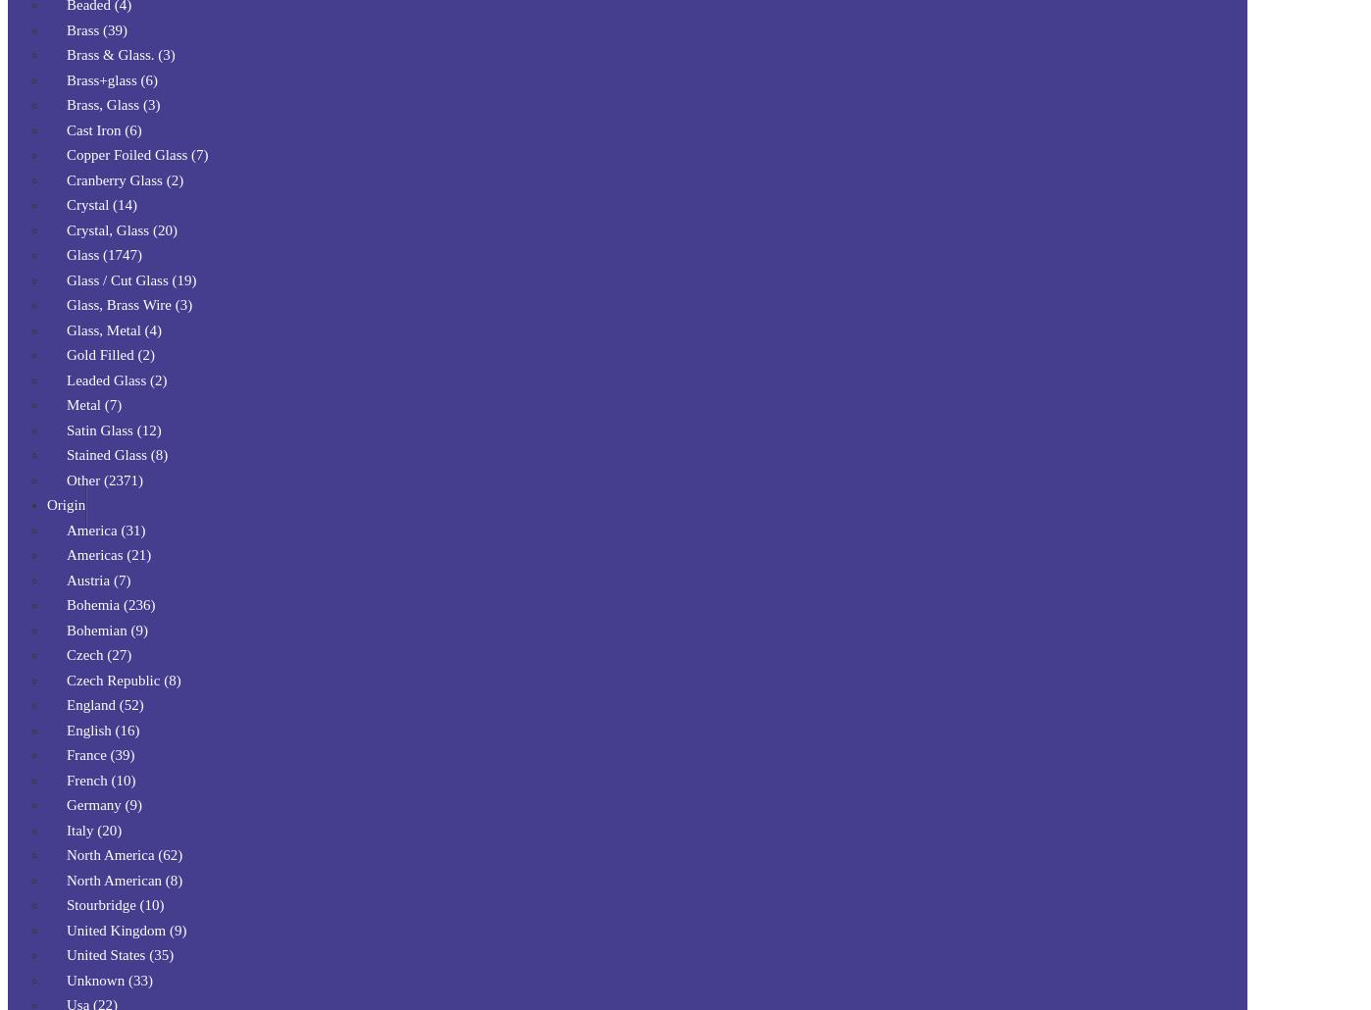  Describe the element at coordinates (114, 328) in the screenshot. I see `'Glass, Metal (4)'` at that location.